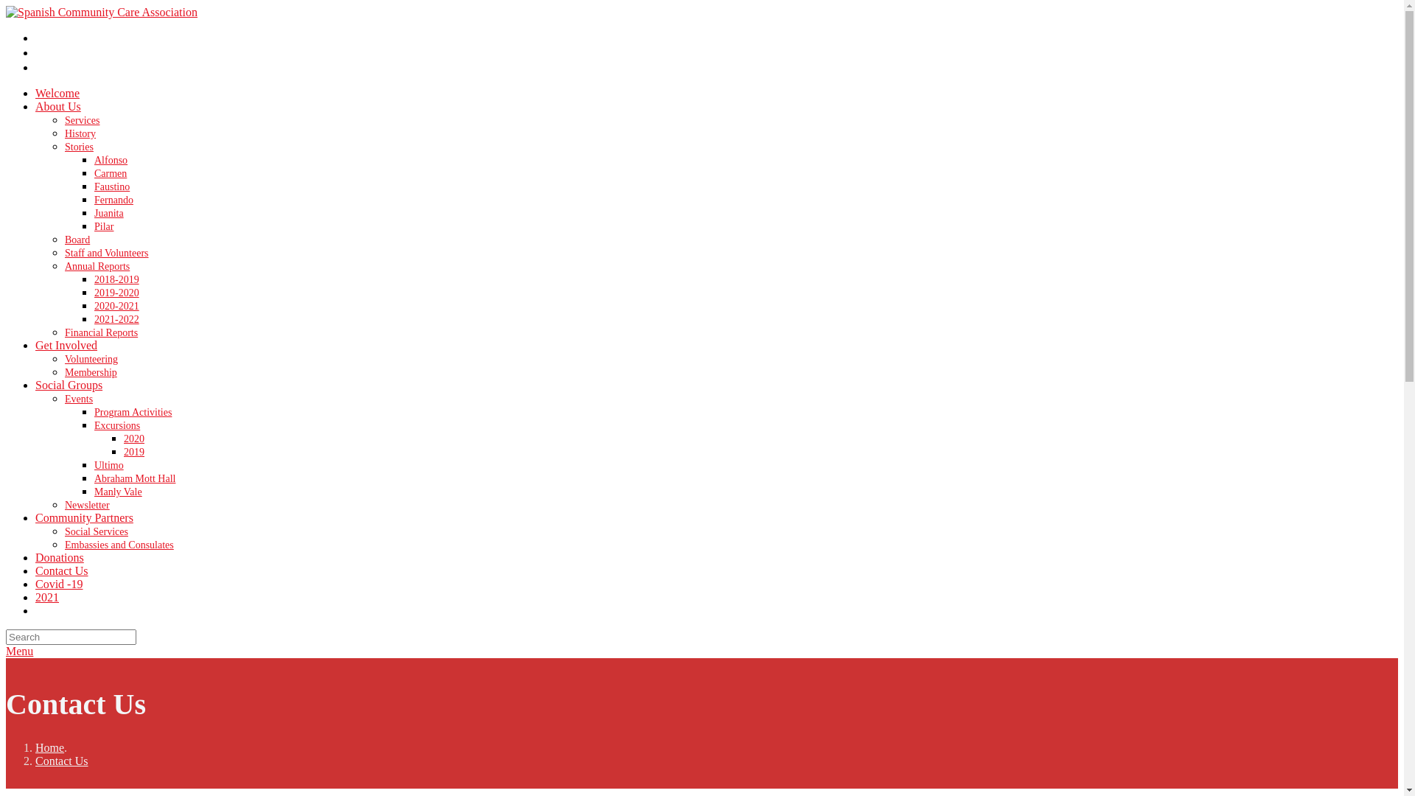 The height and width of the screenshot is (796, 1415). Describe the element at coordinates (66, 345) in the screenshot. I see `'Get Involved'` at that location.